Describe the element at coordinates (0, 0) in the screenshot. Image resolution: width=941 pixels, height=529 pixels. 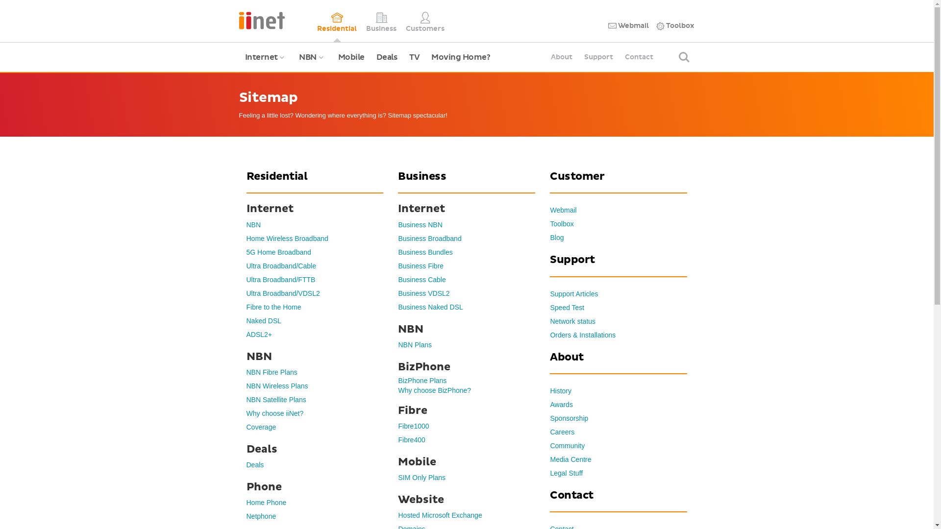
I see `'Skip to main content'` at that location.